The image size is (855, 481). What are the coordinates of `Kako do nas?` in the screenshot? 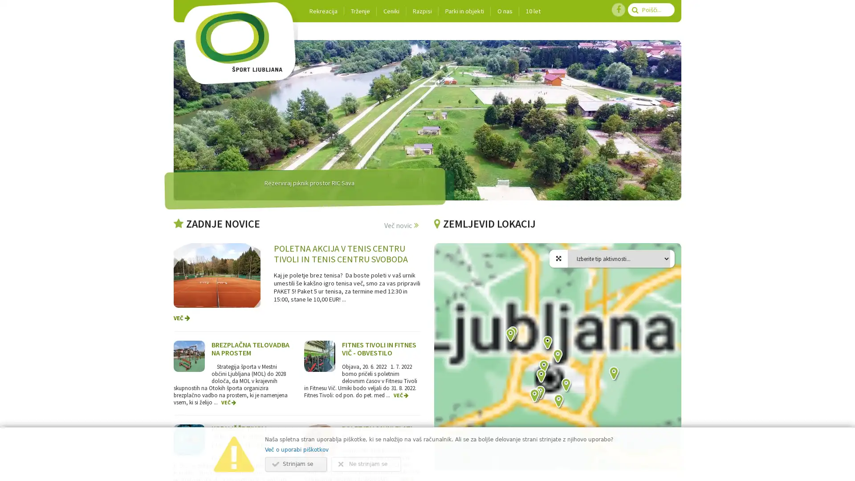 It's located at (539, 393).